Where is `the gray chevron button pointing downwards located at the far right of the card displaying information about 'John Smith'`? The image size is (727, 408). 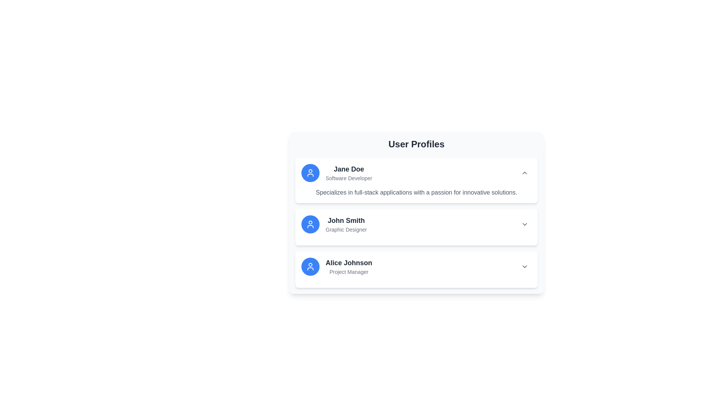
the gray chevron button pointing downwards located at the far right of the card displaying information about 'John Smith' is located at coordinates (524, 224).